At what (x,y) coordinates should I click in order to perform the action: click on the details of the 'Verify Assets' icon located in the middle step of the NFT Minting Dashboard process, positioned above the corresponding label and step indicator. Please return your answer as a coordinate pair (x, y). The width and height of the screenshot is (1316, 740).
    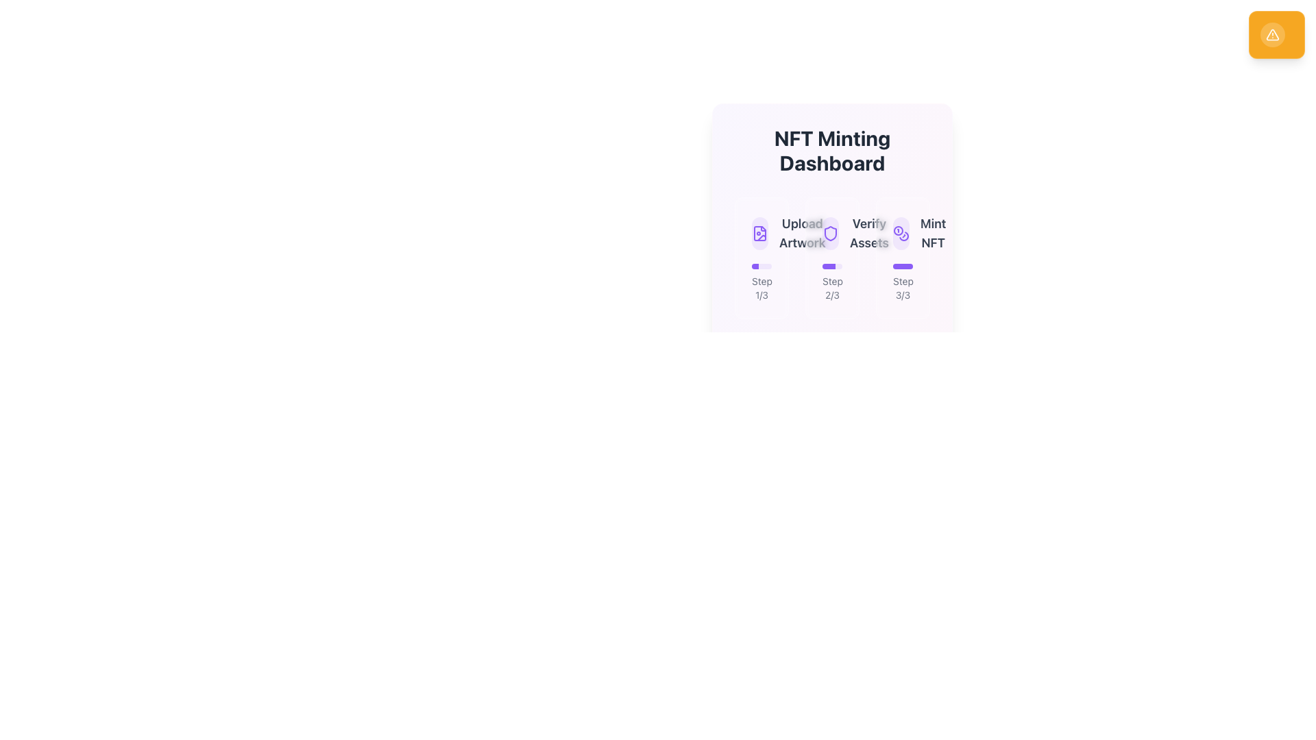
    Looking at the image, I should click on (829, 232).